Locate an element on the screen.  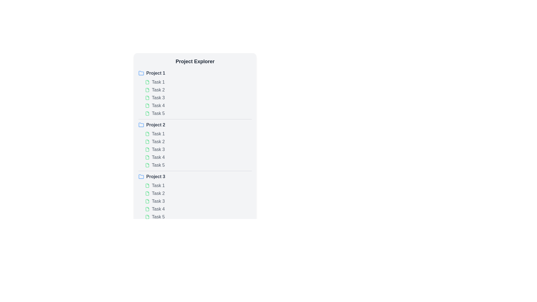
the green document icon representing 'Task 5' under Project 2, which is the leftmost element in its row is located at coordinates (147, 165).